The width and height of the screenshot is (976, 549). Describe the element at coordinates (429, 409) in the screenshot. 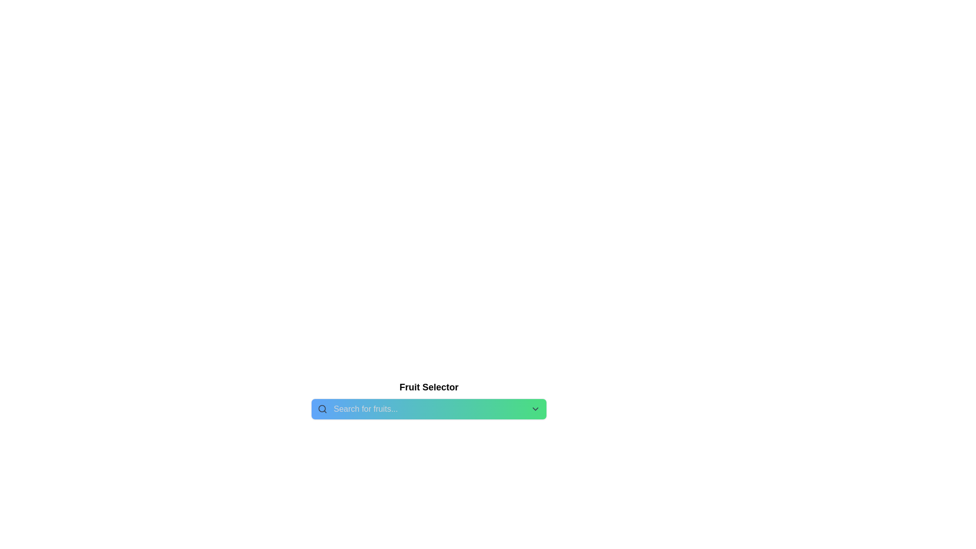

I see `the dropdown arrow of the Compound UI component (search input with dropdown)` at that location.